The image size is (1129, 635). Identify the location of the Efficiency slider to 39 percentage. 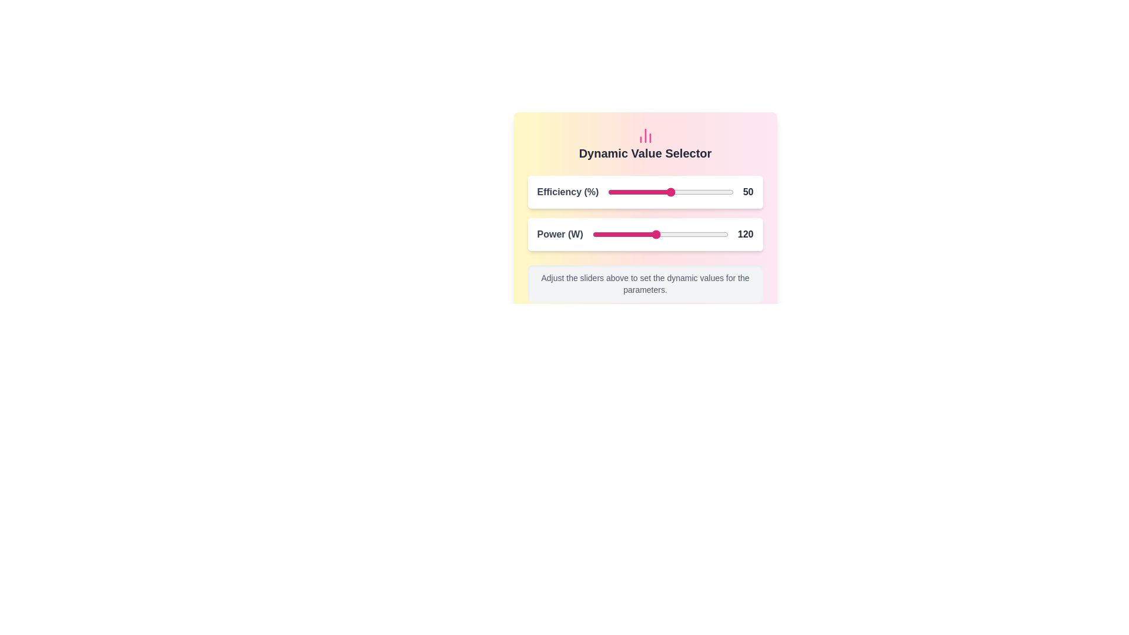
(656, 192).